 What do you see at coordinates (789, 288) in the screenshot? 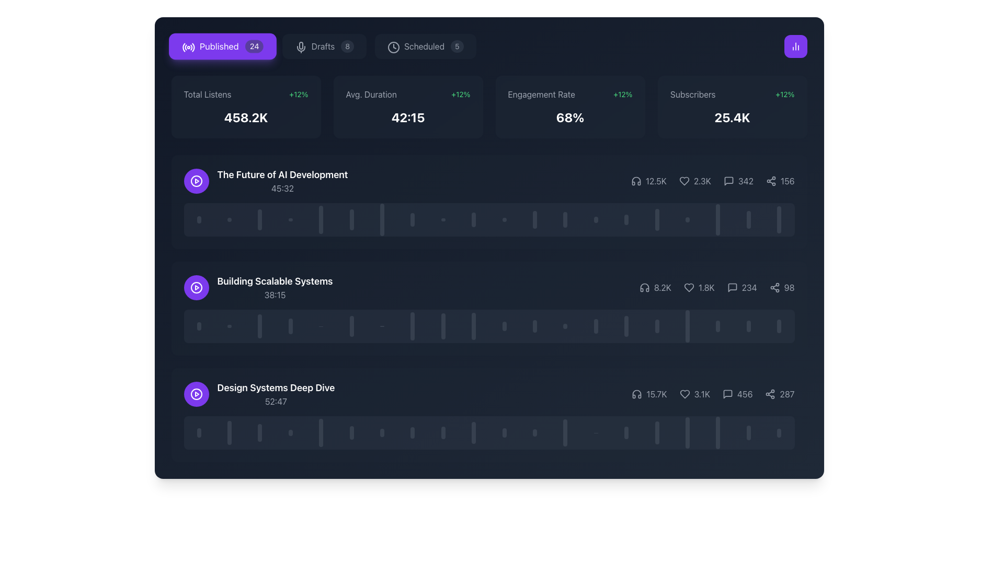
I see `the static text displaying the number '98' in gray color located to the right of the share icon for the 'Building Scalable Systems' entry` at bounding box center [789, 288].